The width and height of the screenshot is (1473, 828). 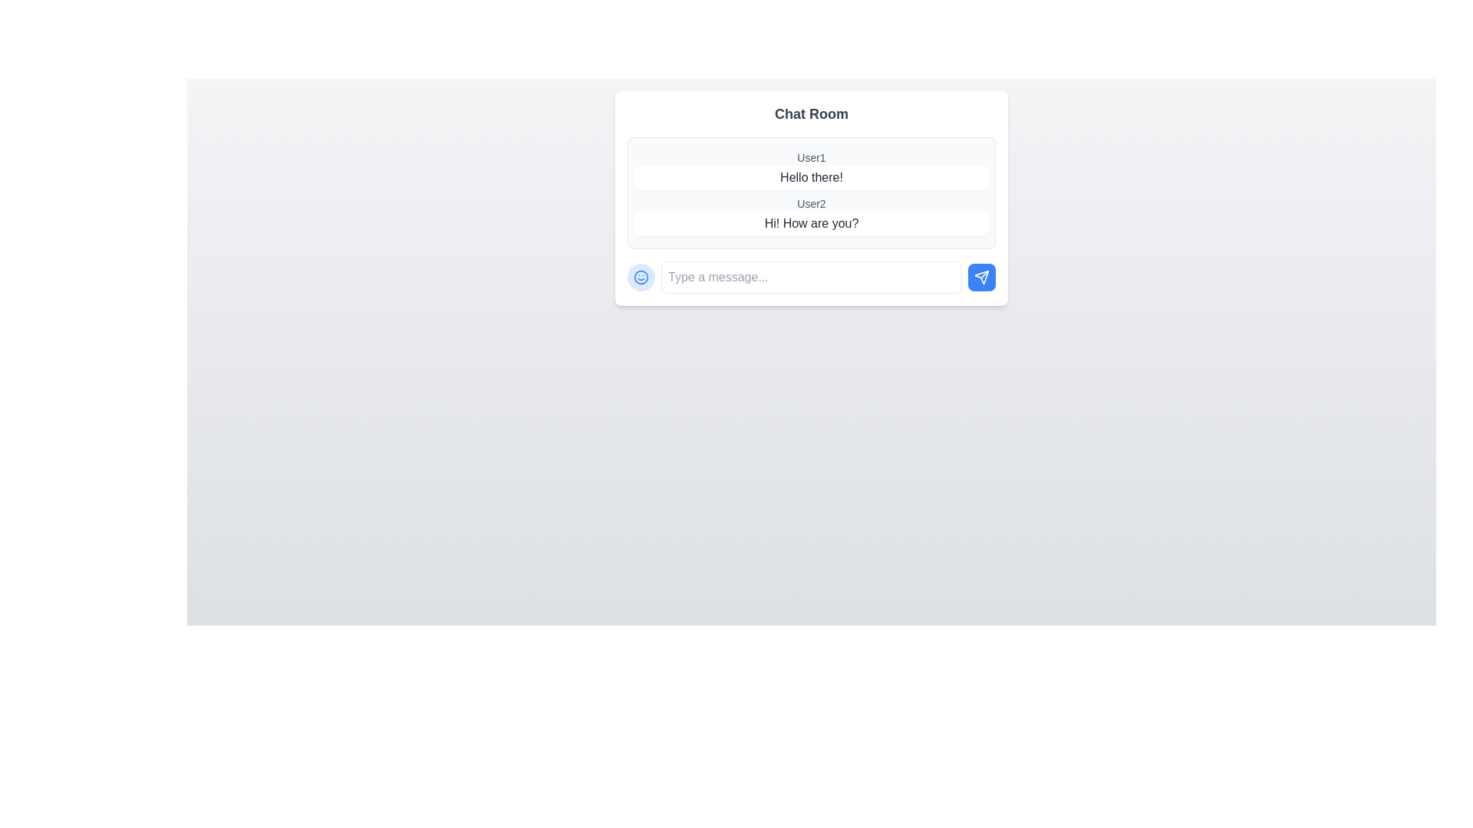 I want to click on the Chat input area located at the bottom of the chat window, so click(x=810, y=278).